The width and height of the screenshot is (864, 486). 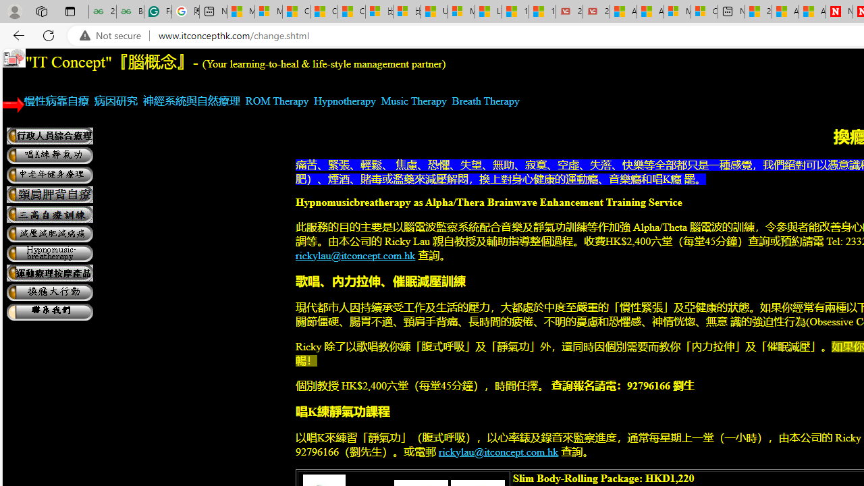 What do you see at coordinates (130, 11) in the screenshot?
I see `'Best SSL Certificates Provider in India - GeeksforGeeks'` at bounding box center [130, 11].